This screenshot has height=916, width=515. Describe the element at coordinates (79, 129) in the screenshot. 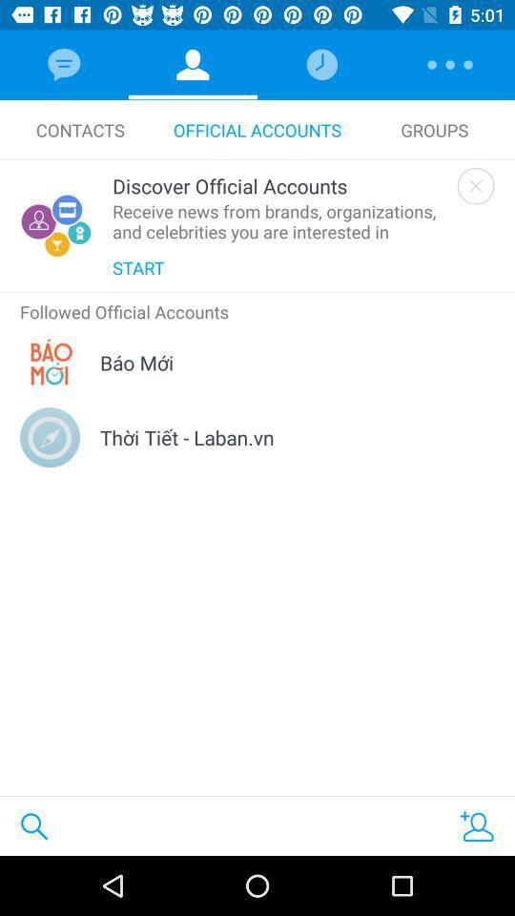

I see `contacts item` at that location.